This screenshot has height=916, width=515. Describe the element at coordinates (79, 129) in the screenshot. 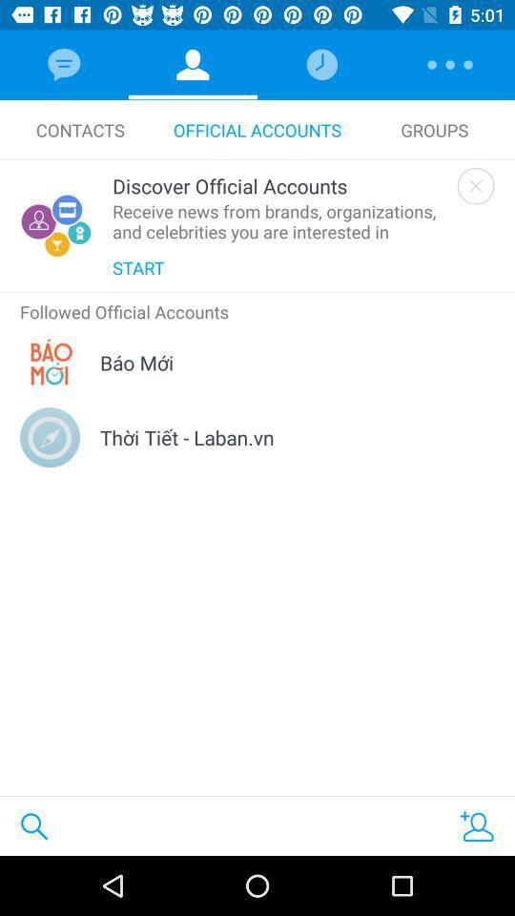

I see `contacts item` at that location.